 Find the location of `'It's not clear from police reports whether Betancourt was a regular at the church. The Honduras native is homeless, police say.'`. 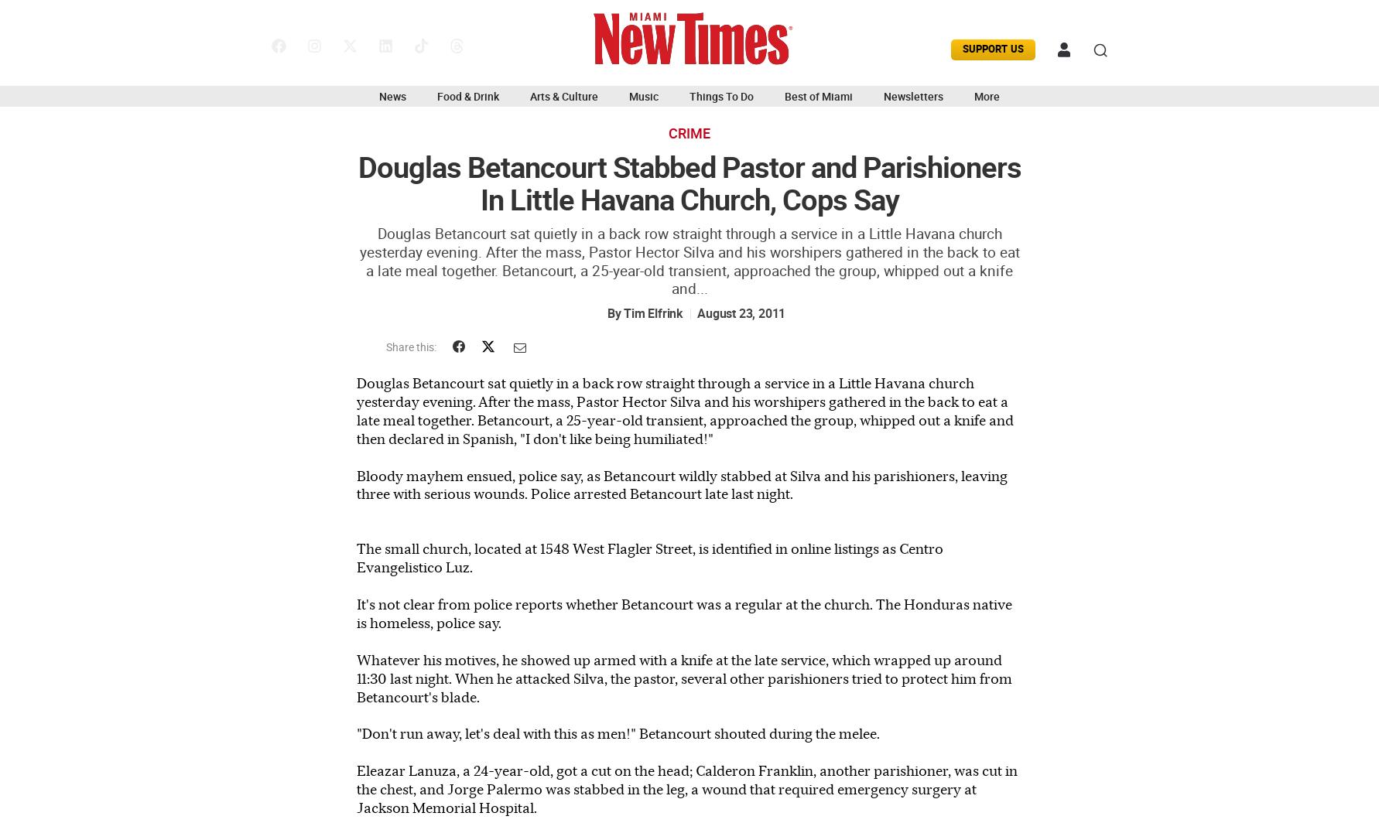

'It's not clear from police reports whether Betancourt was a regular at the church. The Honduras native is homeless, police say.' is located at coordinates (683, 613).